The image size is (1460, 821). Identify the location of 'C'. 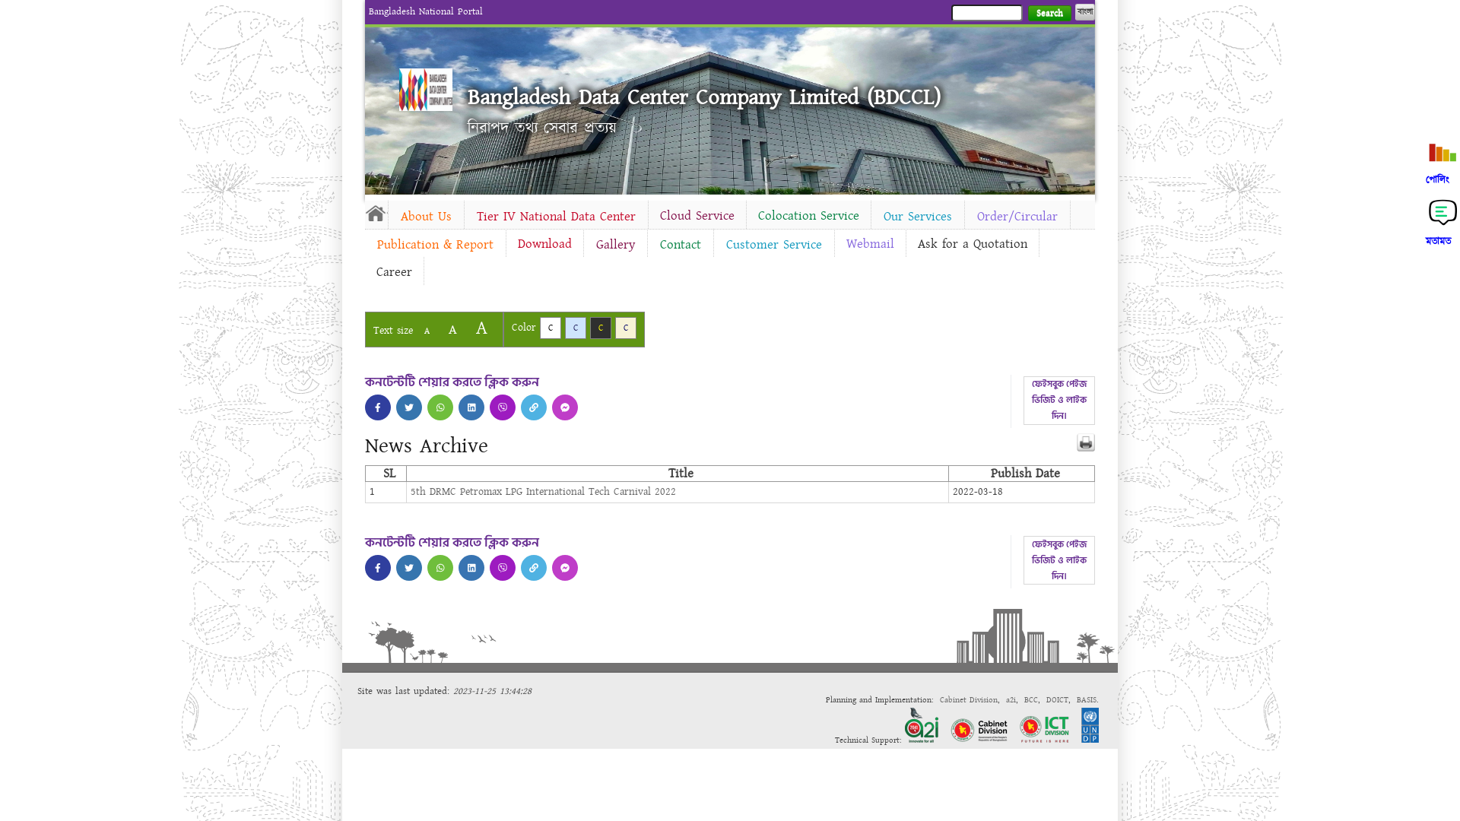
(600, 327).